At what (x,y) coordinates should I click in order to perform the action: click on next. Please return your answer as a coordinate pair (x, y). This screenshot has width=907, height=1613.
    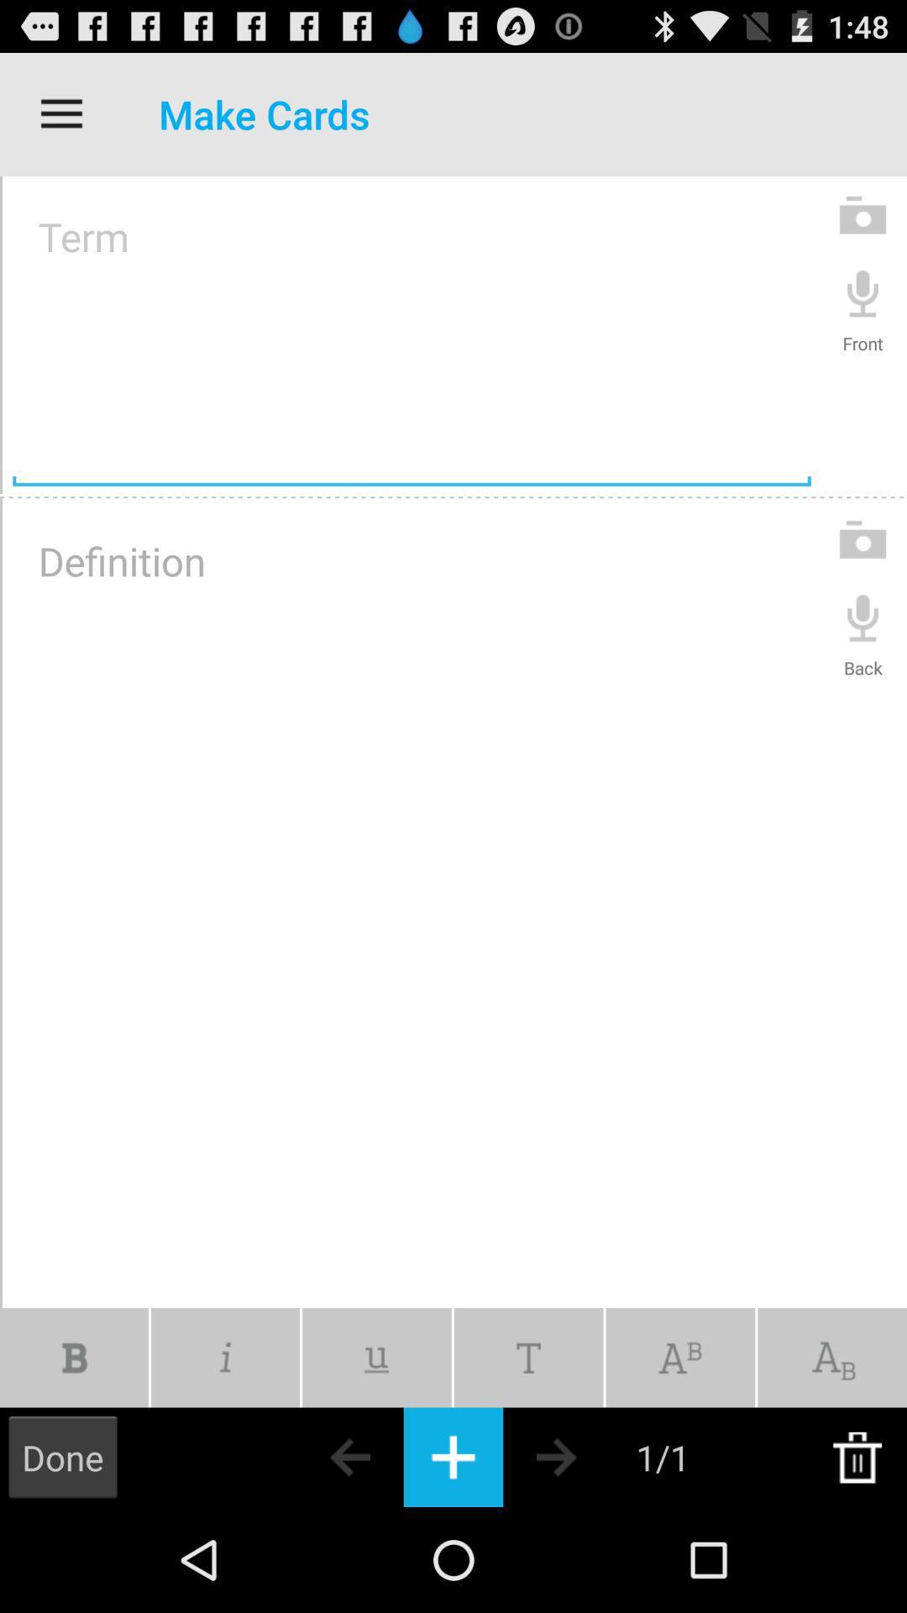
    Looking at the image, I should click on (585, 1456).